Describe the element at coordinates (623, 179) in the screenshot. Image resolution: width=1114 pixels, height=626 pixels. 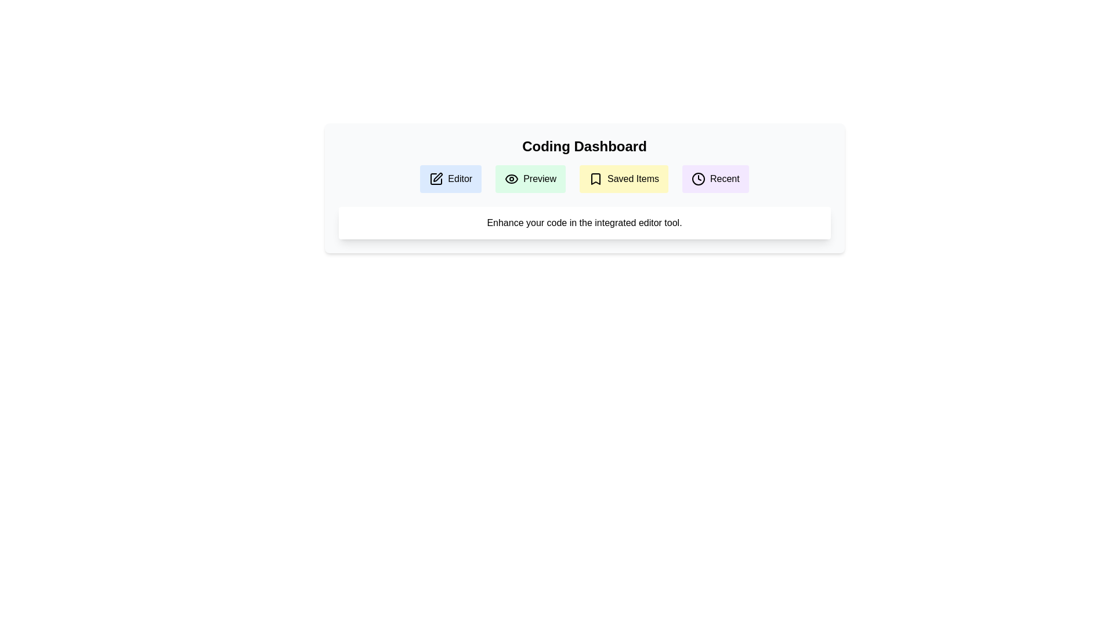
I see `the 'Saved Items' button, which is a rectangular button with a light yellow background and a bookmark icon` at that location.